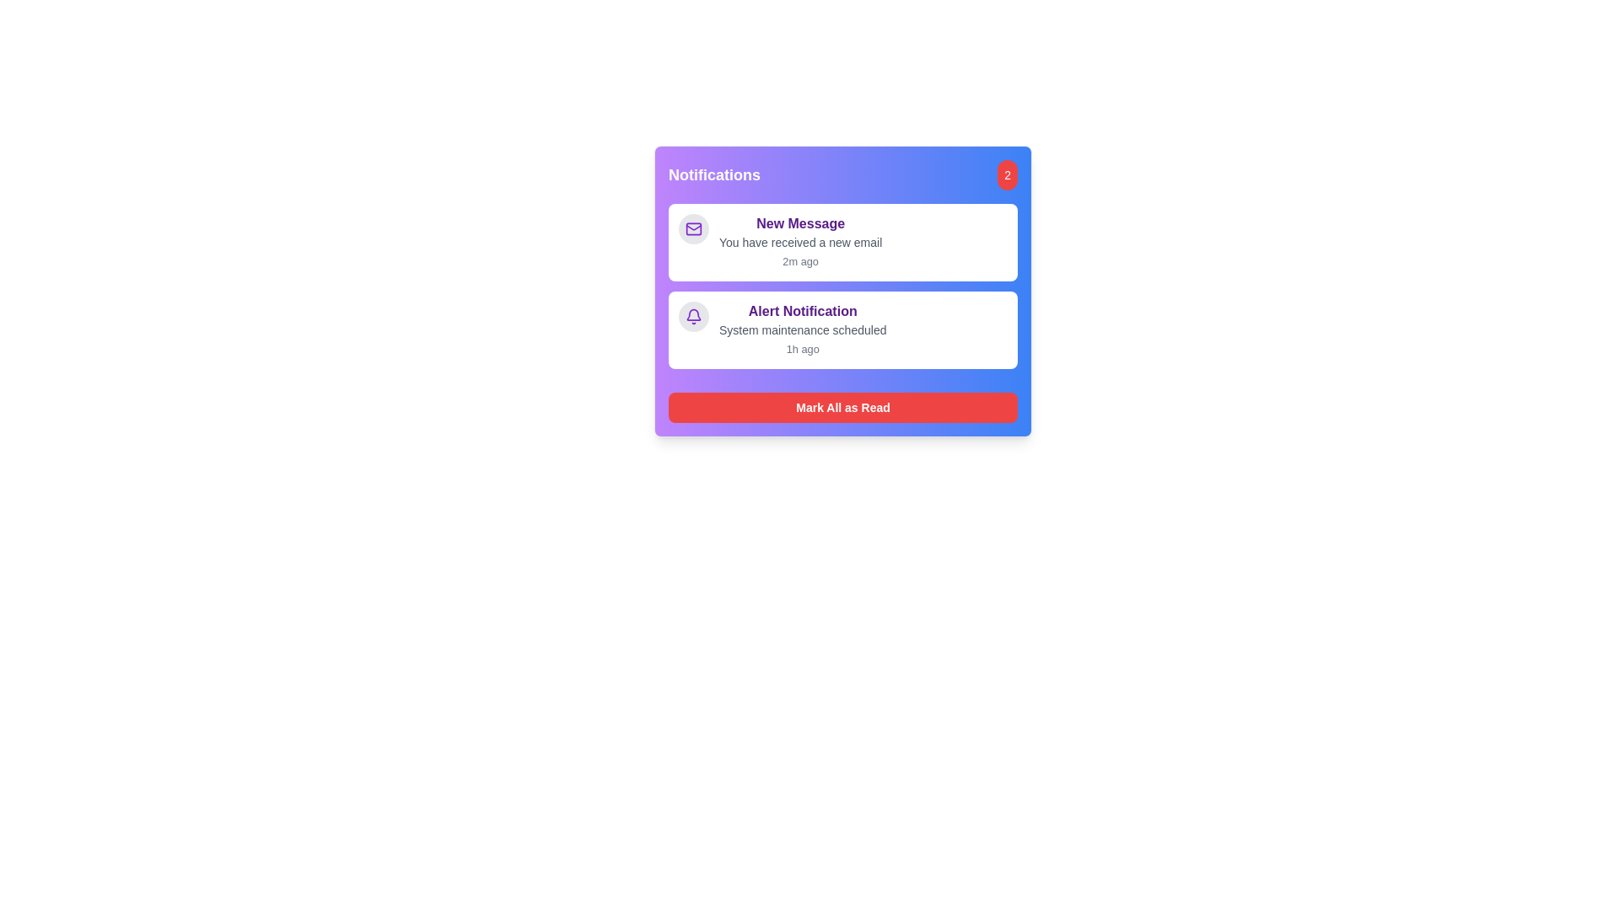 This screenshot has width=1619, height=910. I want to click on the static text that provides additional details for the notification titled 'New Message' in the notifications panel, so click(799, 243).